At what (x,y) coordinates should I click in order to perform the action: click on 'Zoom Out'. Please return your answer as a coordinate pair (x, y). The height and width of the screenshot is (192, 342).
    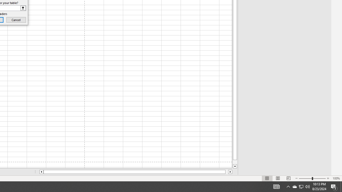
    Looking at the image, I should click on (305, 178).